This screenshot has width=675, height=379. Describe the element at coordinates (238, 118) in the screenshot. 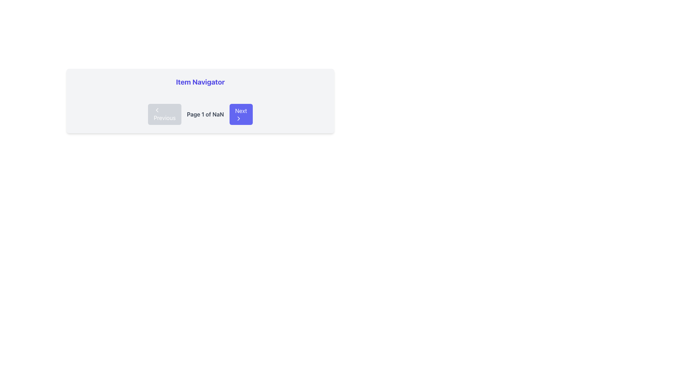

I see `the decorative forward navigation icon associated with the 'Next' button, located to the right of the pagination counter` at that location.